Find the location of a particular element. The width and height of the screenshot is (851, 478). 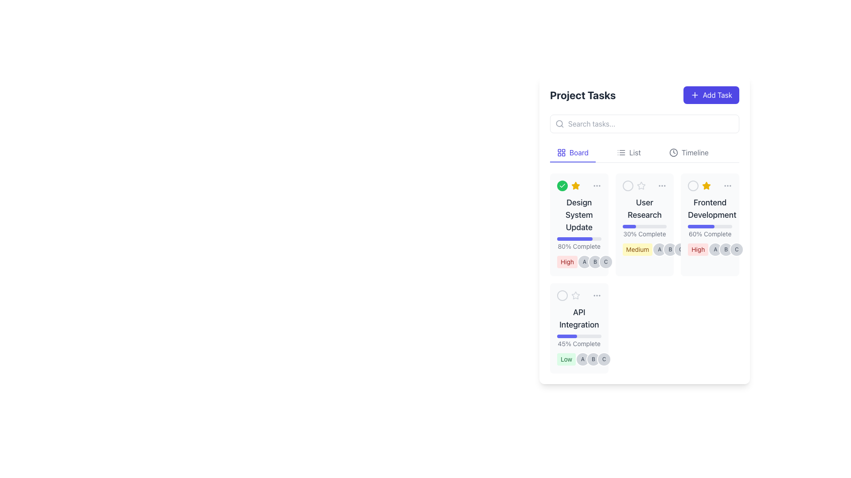

the 'Board' navigation tab located at the far left of the horizontal navigation bar is located at coordinates (573, 153).